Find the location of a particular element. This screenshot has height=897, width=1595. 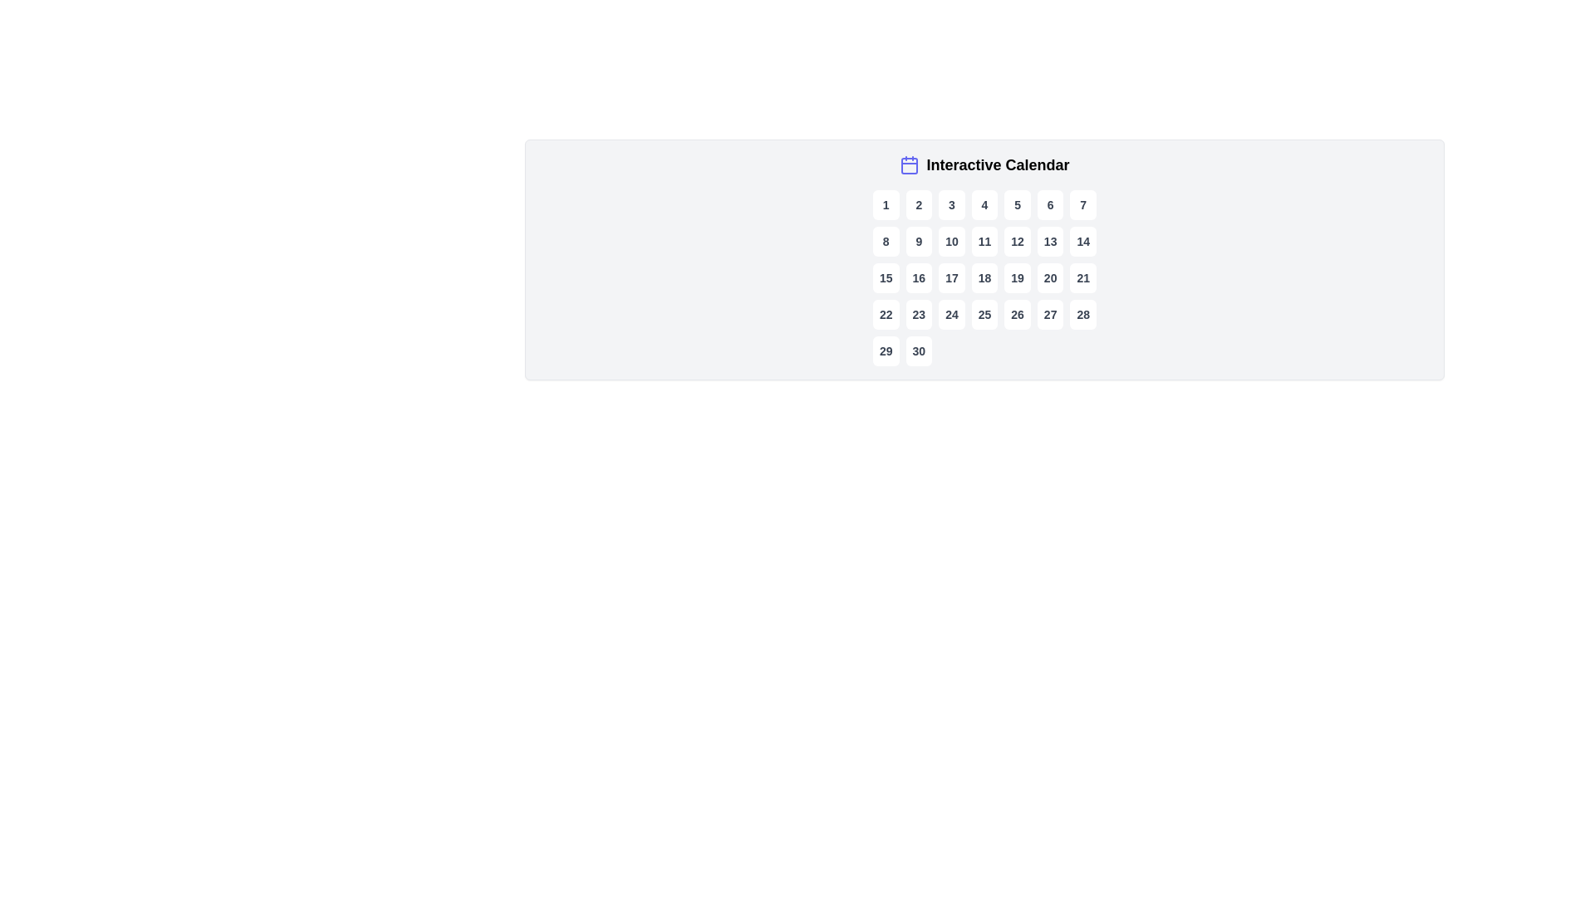

the square-shaped button with a white background and black text displaying '13' is located at coordinates (1049, 241).